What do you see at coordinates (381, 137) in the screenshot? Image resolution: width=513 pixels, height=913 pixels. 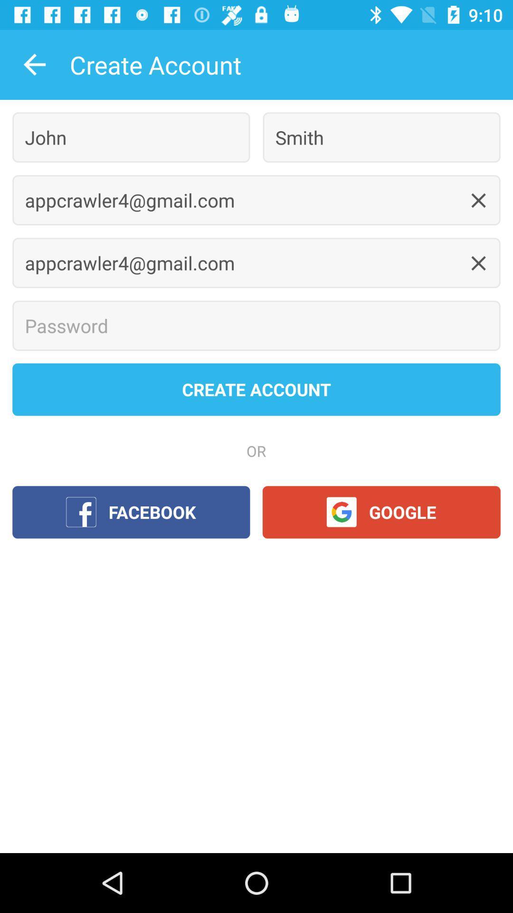 I see `icon above appcrawler4@gmail.com` at bounding box center [381, 137].